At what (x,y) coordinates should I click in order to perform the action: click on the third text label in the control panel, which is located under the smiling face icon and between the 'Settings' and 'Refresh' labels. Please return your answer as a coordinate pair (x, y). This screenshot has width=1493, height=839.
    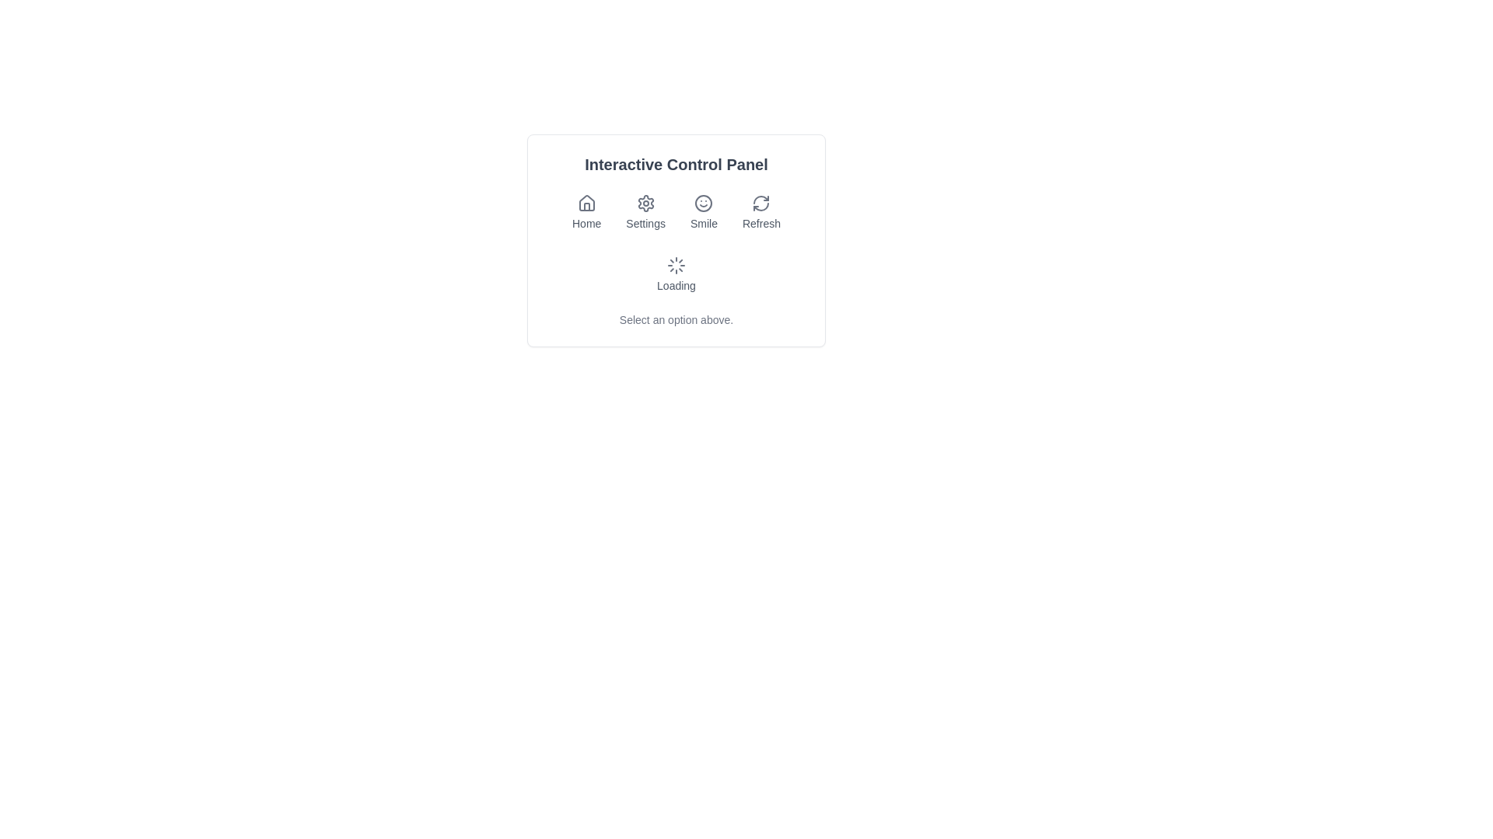
    Looking at the image, I should click on (703, 224).